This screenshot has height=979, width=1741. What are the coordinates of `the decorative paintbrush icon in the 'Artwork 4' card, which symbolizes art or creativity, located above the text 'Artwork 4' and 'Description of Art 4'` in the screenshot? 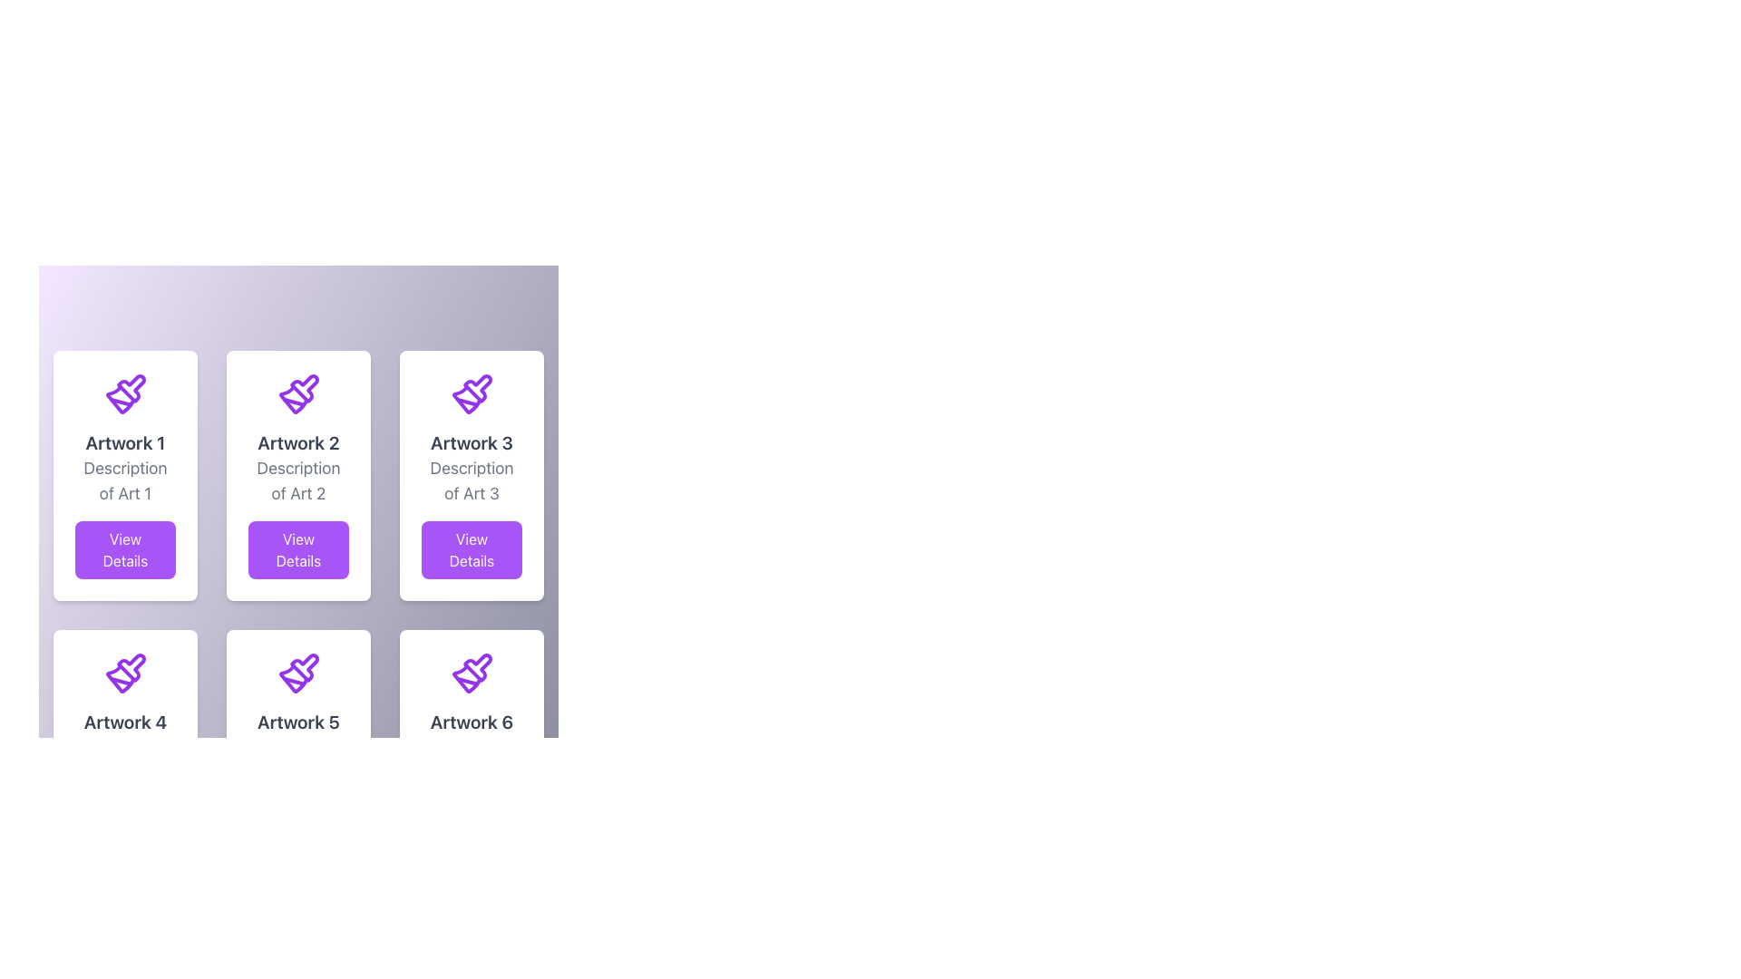 It's located at (124, 674).